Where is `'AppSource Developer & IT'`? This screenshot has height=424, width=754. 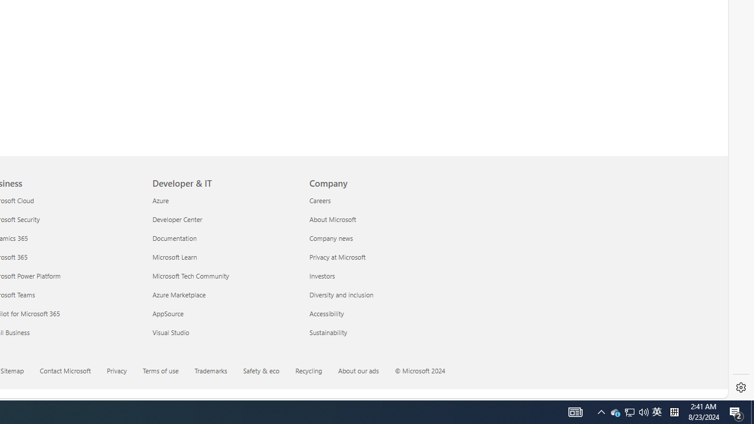
'AppSource Developer & IT' is located at coordinates (167, 313).